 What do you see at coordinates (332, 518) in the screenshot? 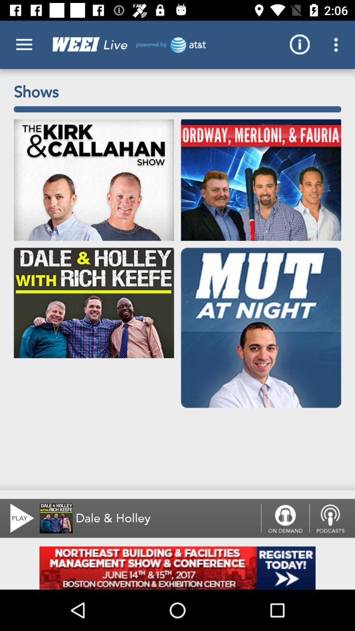
I see `the location icon` at bounding box center [332, 518].